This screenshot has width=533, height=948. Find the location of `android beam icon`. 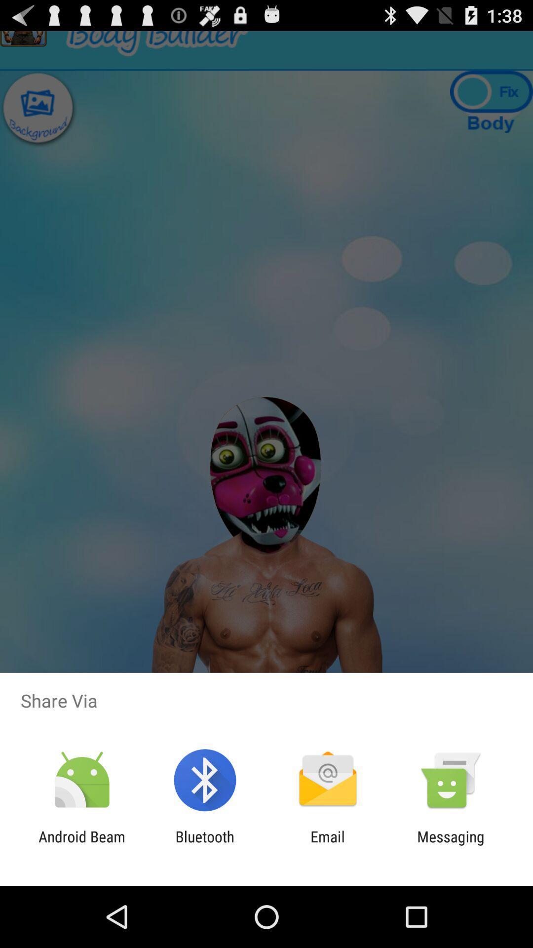

android beam icon is located at coordinates (81, 845).